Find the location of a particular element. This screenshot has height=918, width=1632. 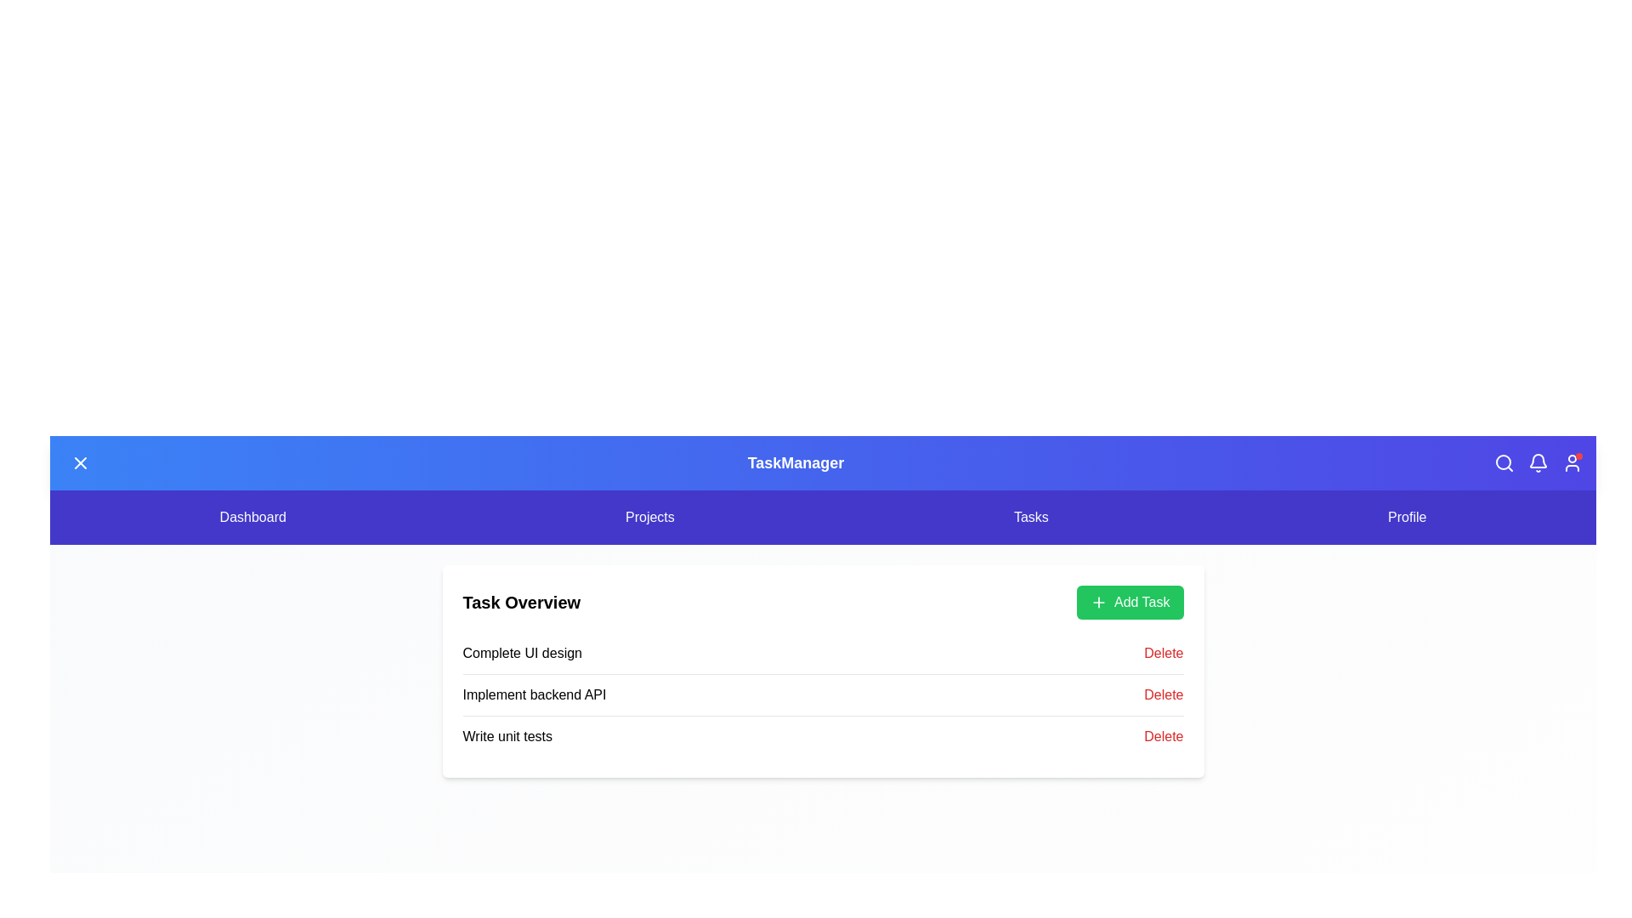

the 'Tasks' button in the navigation bar to navigate to the 'Tasks' section is located at coordinates (1030, 517).